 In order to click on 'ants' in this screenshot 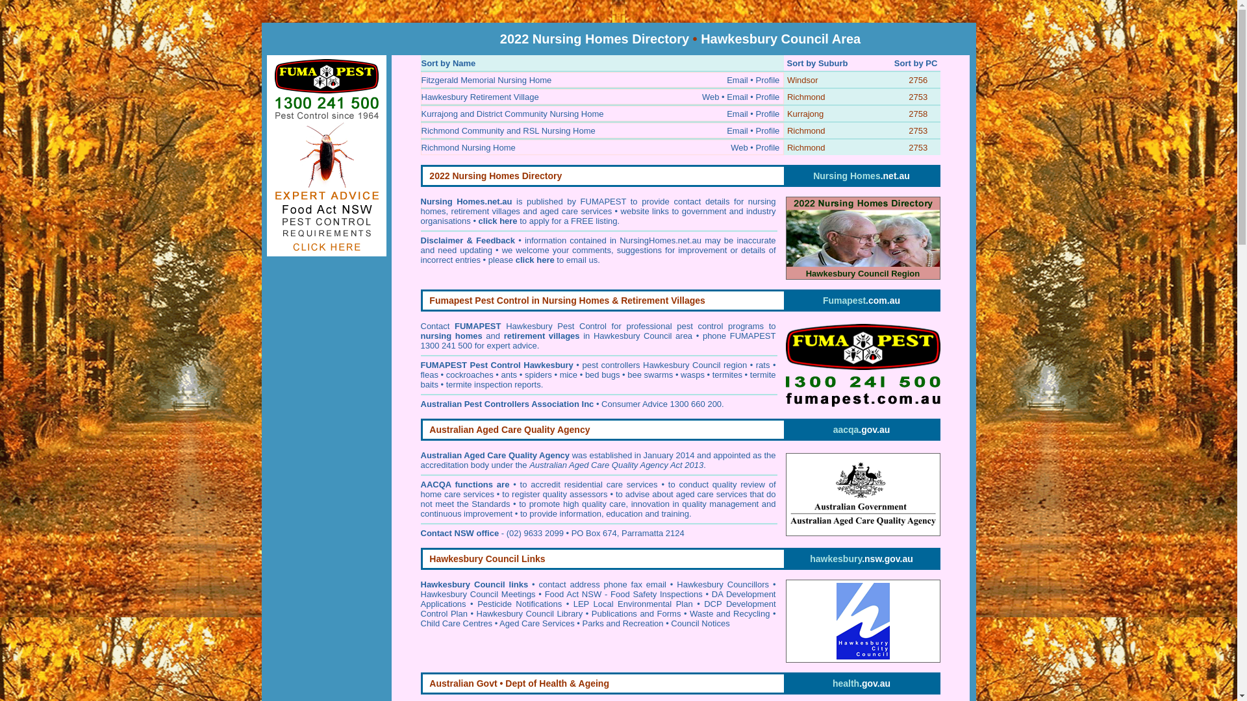, I will do `click(509, 375)`.